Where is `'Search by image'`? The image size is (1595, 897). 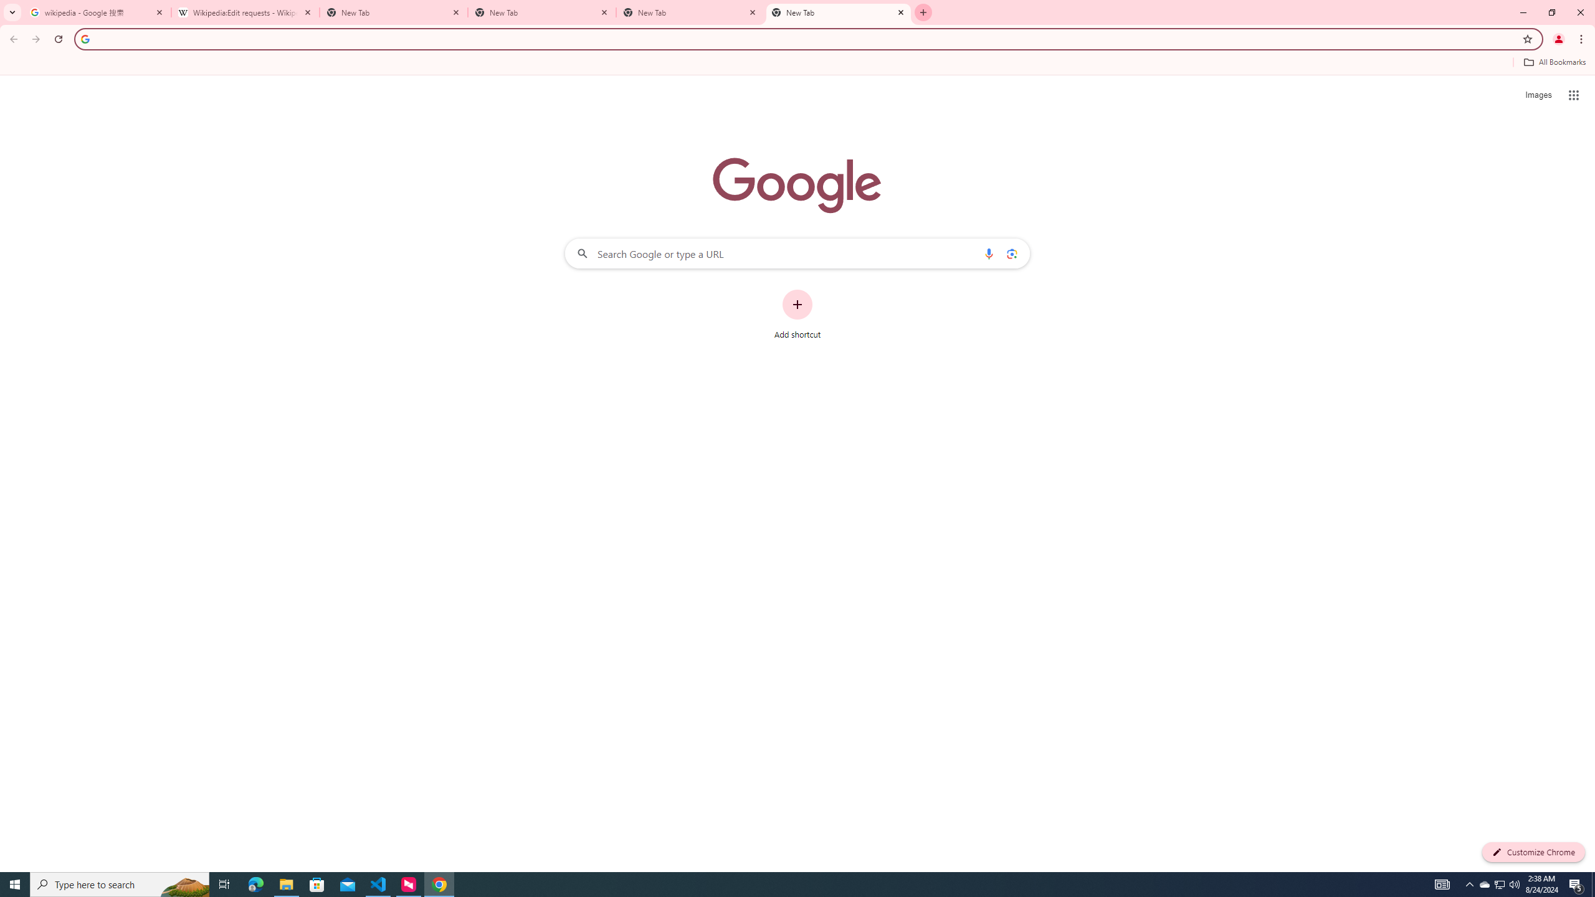 'Search by image' is located at coordinates (1011, 252).